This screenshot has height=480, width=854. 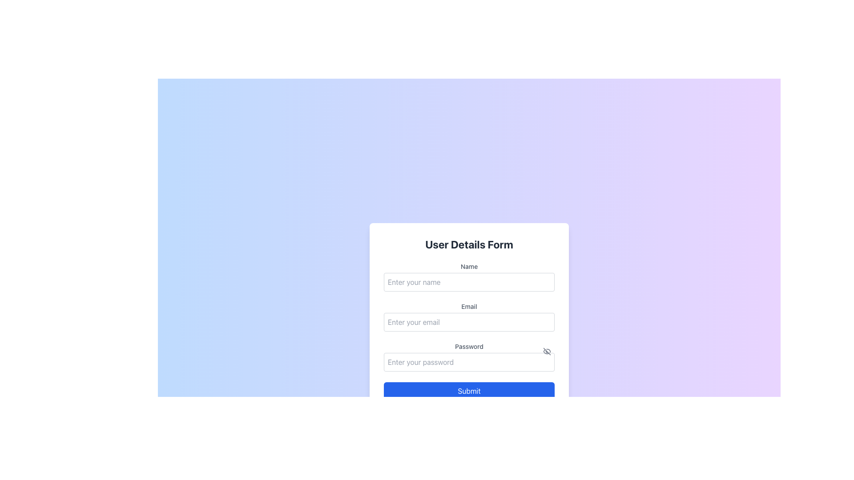 I want to click on the 'Password' text label, which is styled with a smaller font size, medium weight, and gray color, located directly above the password input field, so click(x=469, y=346).